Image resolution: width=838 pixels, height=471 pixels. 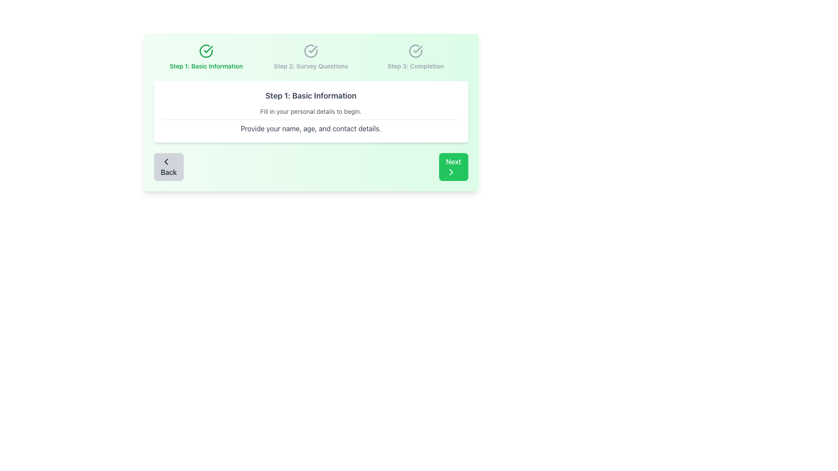 What do you see at coordinates (311, 65) in the screenshot?
I see `the text label displaying 'Step 2: Survey Questions', which is centrally located under a checkmark icon and indicates the second step of a process` at bounding box center [311, 65].